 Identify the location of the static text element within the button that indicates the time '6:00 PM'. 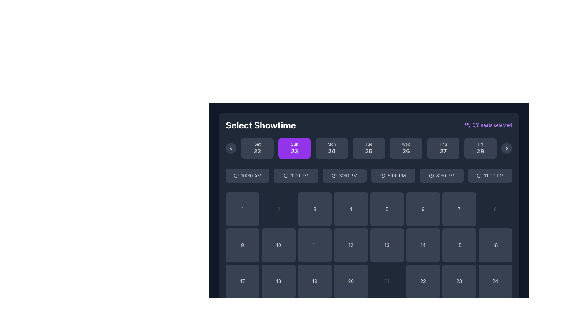
(397, 175).